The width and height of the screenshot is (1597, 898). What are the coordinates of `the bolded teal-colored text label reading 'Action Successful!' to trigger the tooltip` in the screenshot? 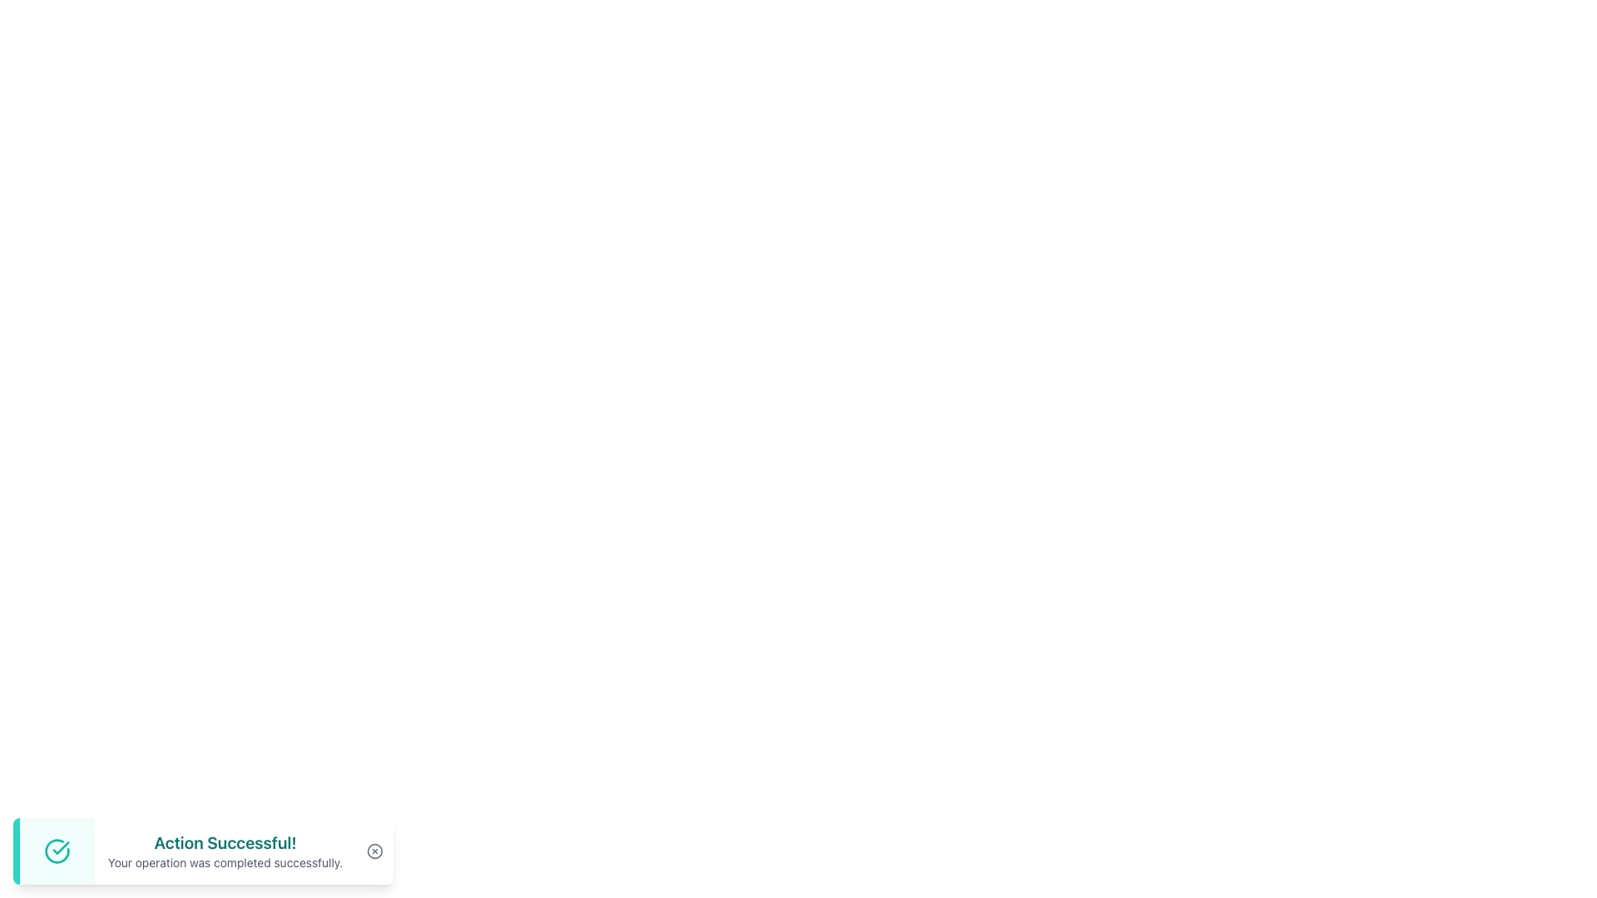 It's located at (225, 843).